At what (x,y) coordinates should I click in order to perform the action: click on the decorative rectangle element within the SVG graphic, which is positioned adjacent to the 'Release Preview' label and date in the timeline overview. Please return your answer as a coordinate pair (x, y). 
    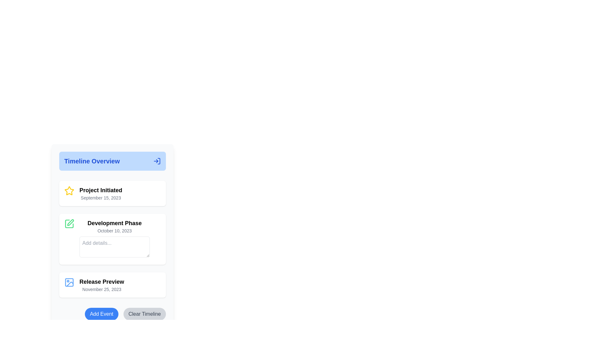
    Looking at the image, I should click on (69, 282).